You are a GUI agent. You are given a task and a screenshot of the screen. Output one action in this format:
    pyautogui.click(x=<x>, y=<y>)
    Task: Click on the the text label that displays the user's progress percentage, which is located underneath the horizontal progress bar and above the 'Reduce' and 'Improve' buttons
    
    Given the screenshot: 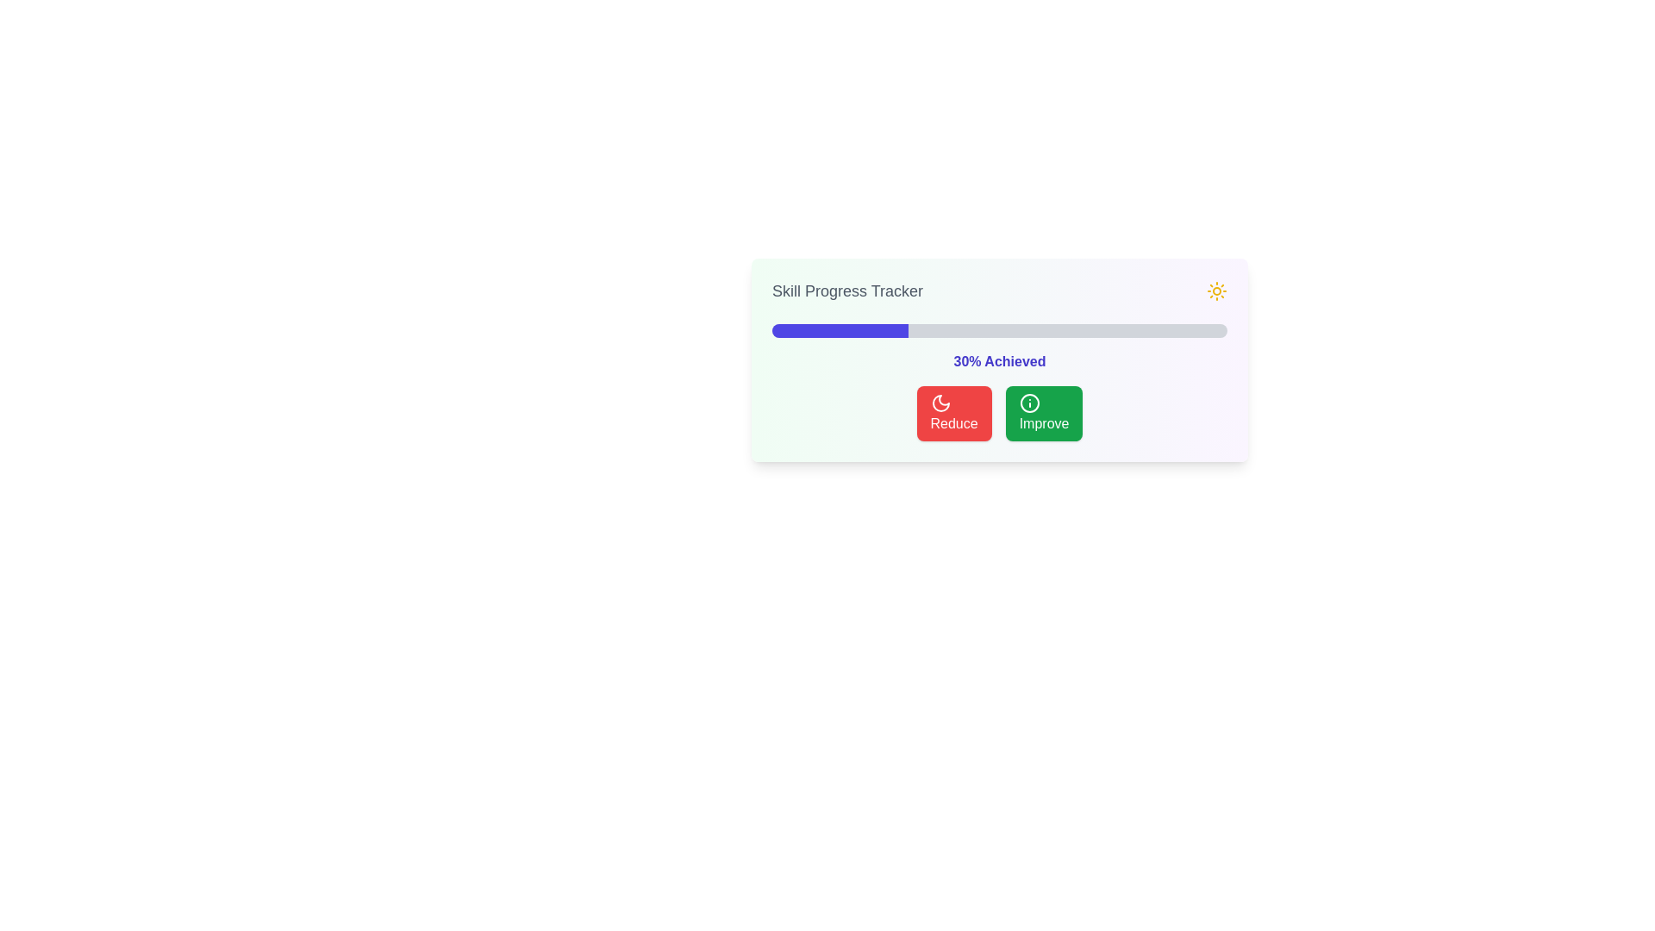 What is the action you would take?
    pyautogui.click(x=1000, y=361)
    